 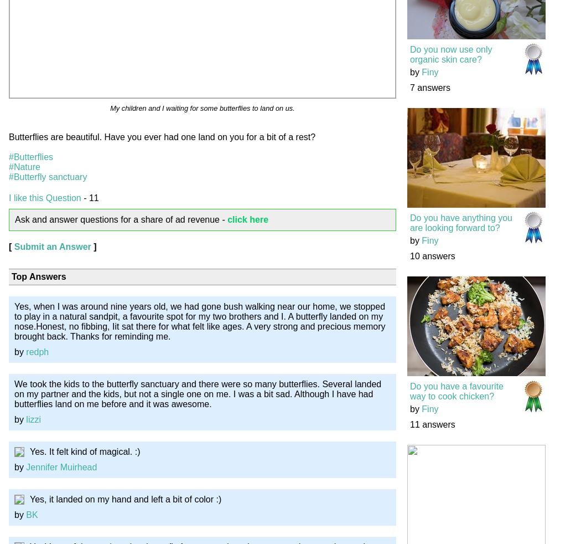 What do you see at coordinates (121, 219) in the screenshot?
I see `'Ask and answer questions for a share of ad revenue -'` at bounding box center [121, 219].